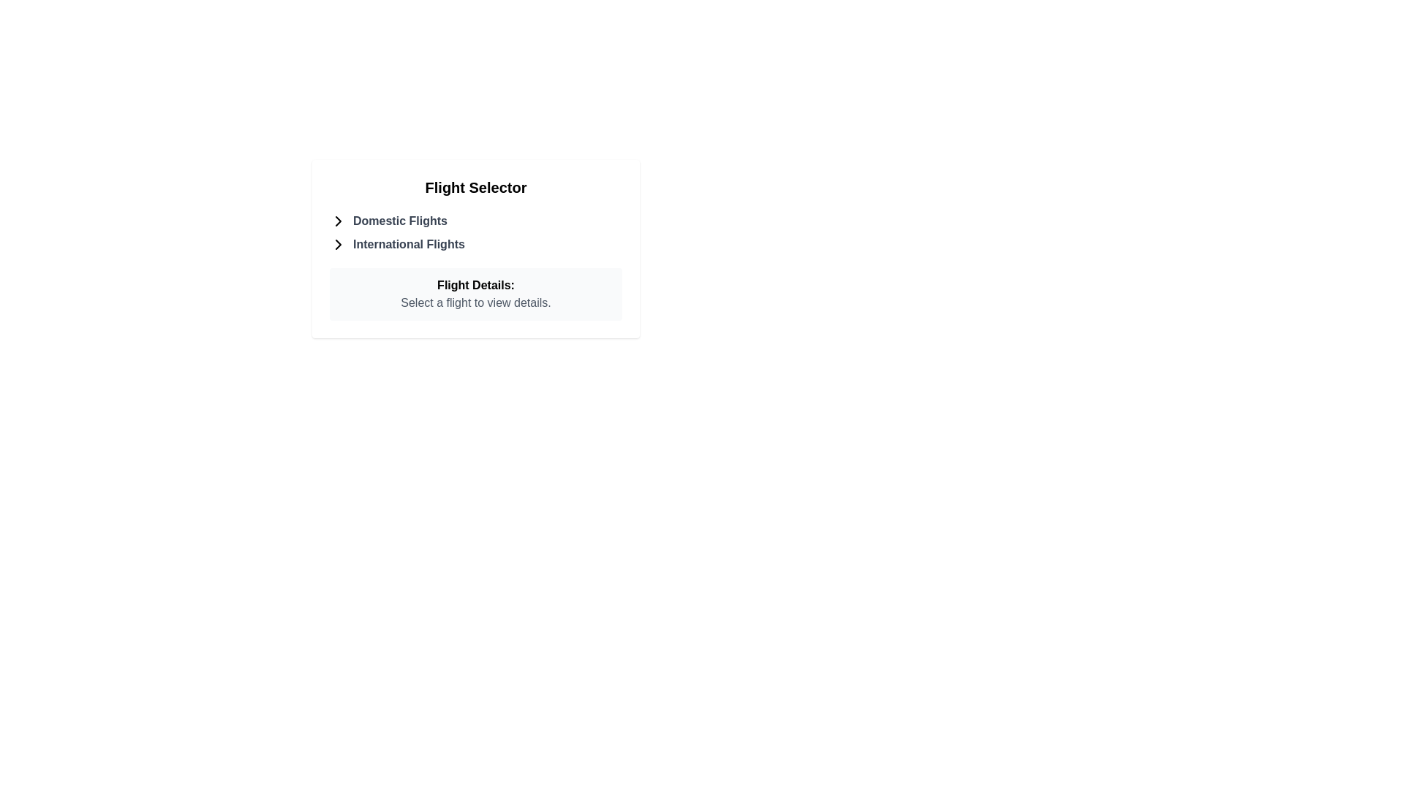  Describe the element at coordinates (476, 221) in the screenshot. I see `the first selectable item under the 'Flight Selector' section` at that location.